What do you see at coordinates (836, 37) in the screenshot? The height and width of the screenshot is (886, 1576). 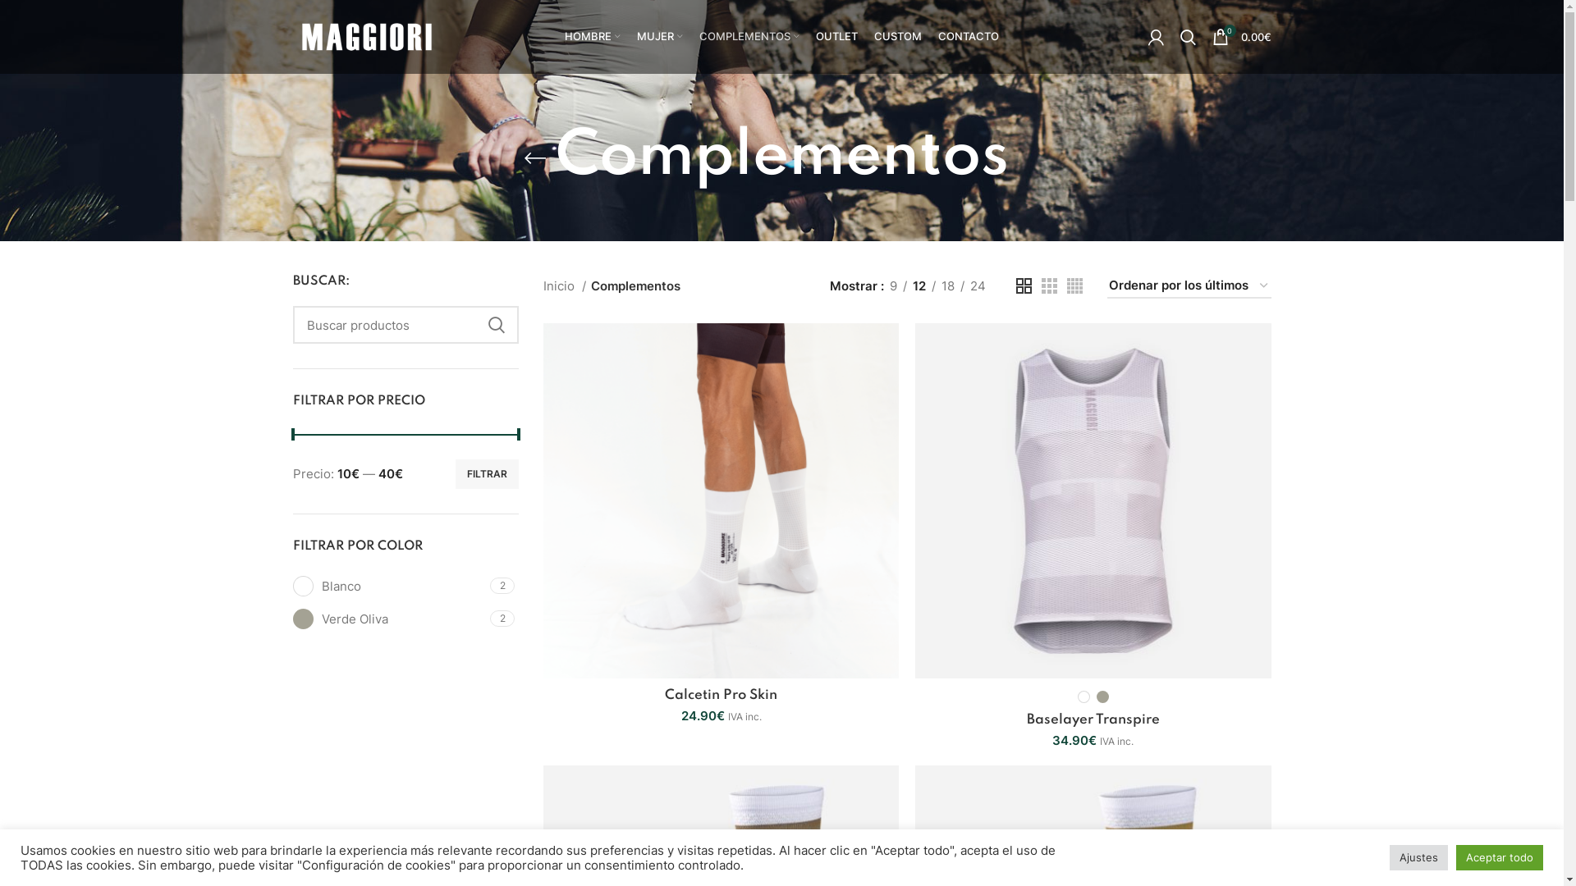 I see `'OUTLET'` at bounding box center [836, 37].